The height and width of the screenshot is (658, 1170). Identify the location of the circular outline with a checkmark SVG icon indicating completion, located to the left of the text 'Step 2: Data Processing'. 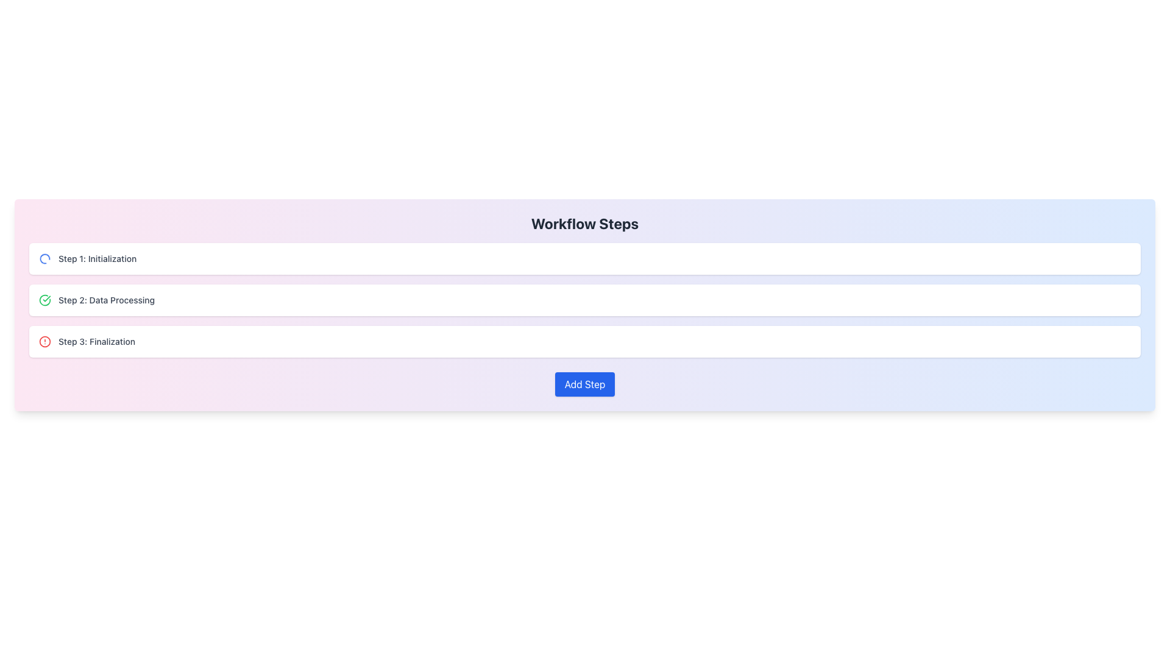
(44, 300).